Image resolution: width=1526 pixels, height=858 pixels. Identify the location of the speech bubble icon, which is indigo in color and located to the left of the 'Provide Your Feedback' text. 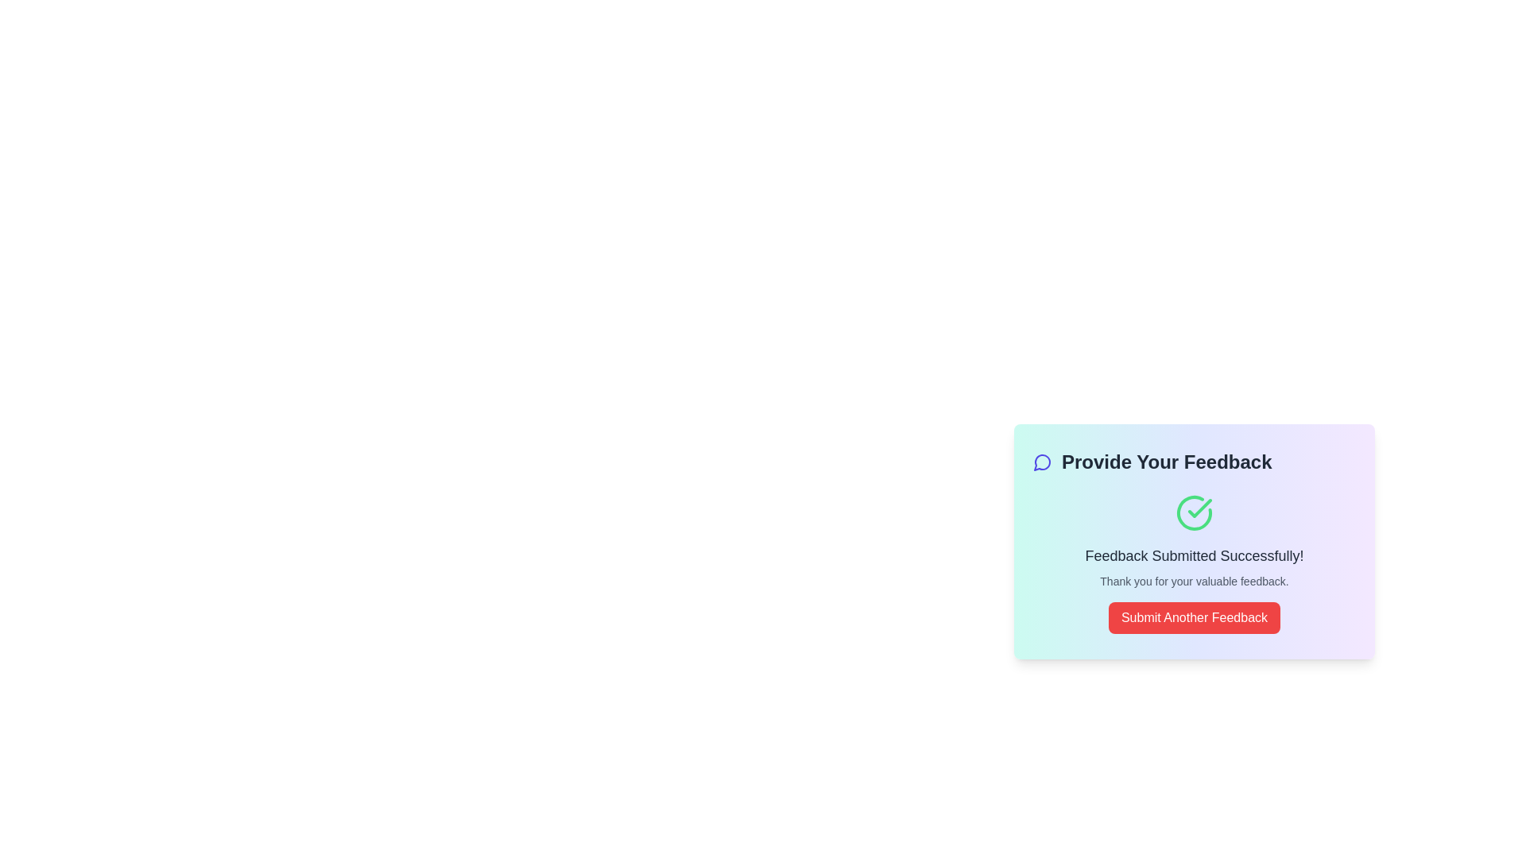
(1042, 462).